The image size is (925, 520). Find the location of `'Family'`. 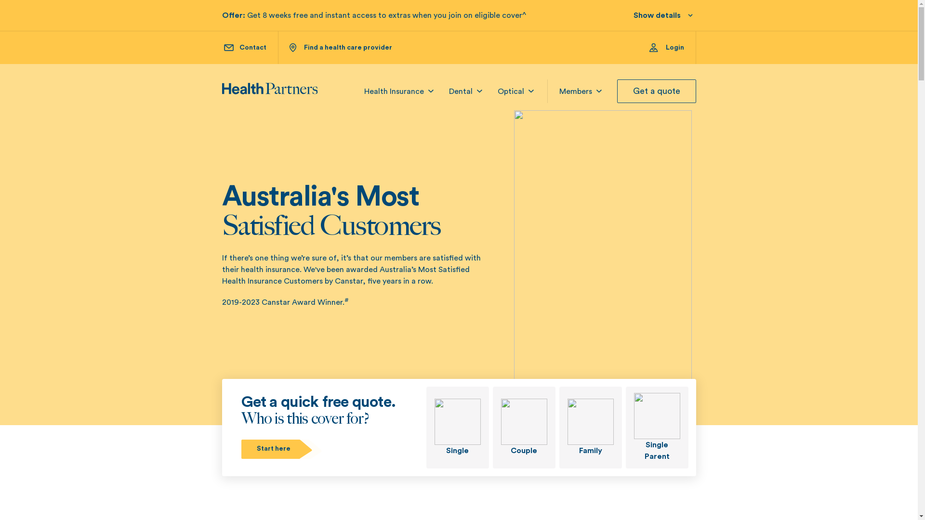

'Family' is located at coordinates (589, 427).